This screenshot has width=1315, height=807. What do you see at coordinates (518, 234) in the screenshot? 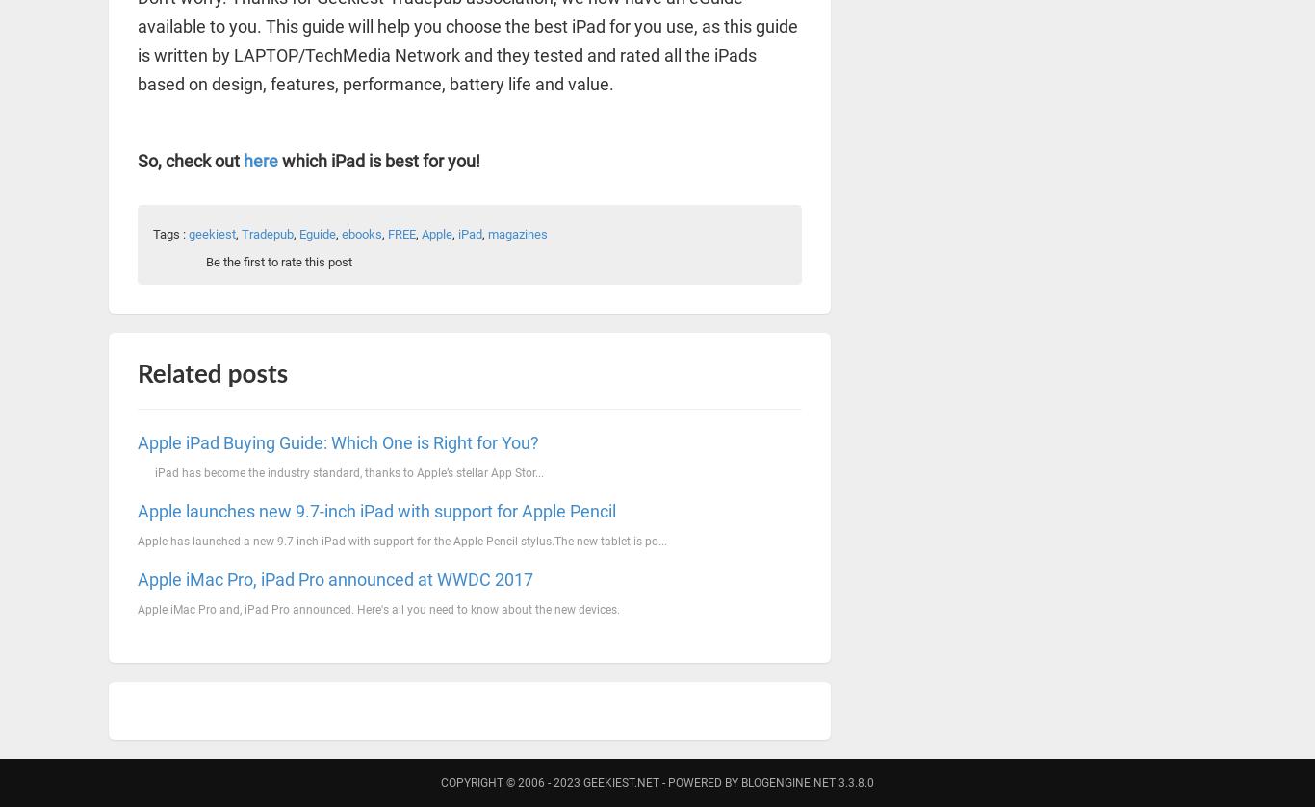
I see `'magazines'` at bounding box center [518, 234].